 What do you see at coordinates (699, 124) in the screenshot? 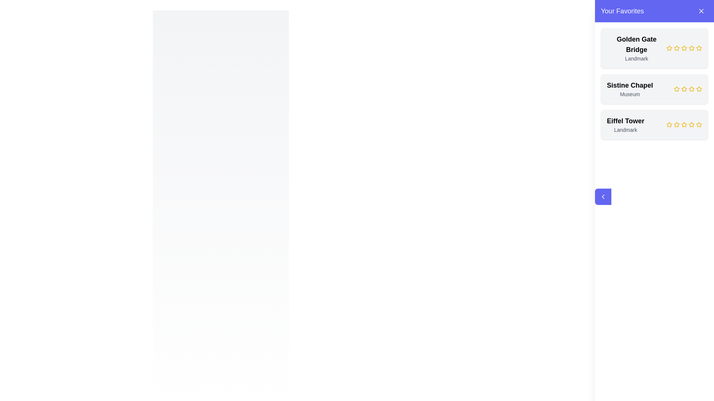
I see `the fifth star icon in the rating system for the 'Eiffel Tower' content` at bounding box center [699, 124].